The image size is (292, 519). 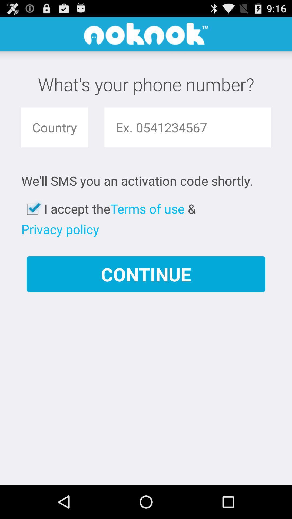 I want to click on the app below the we ll sms, so click(x=32, y=209).